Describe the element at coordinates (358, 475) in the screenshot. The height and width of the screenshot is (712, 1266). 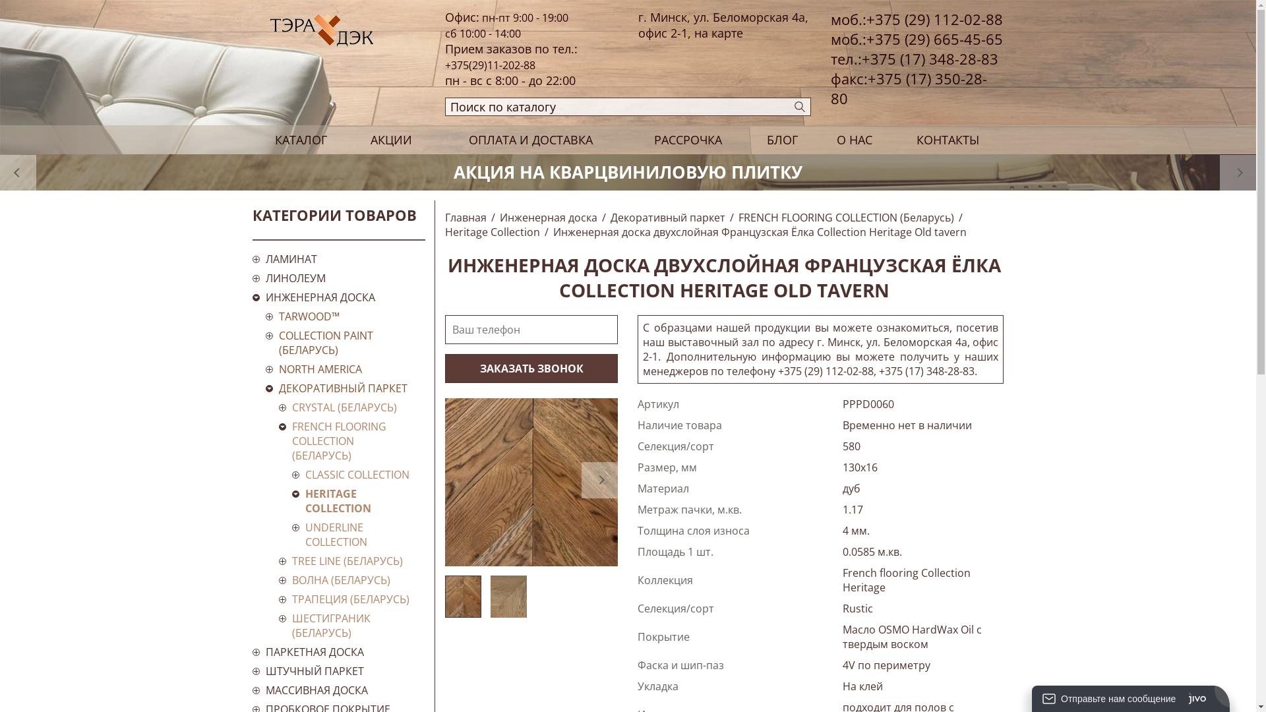
I see `'CLASSIC COLLECTION'` at that location.